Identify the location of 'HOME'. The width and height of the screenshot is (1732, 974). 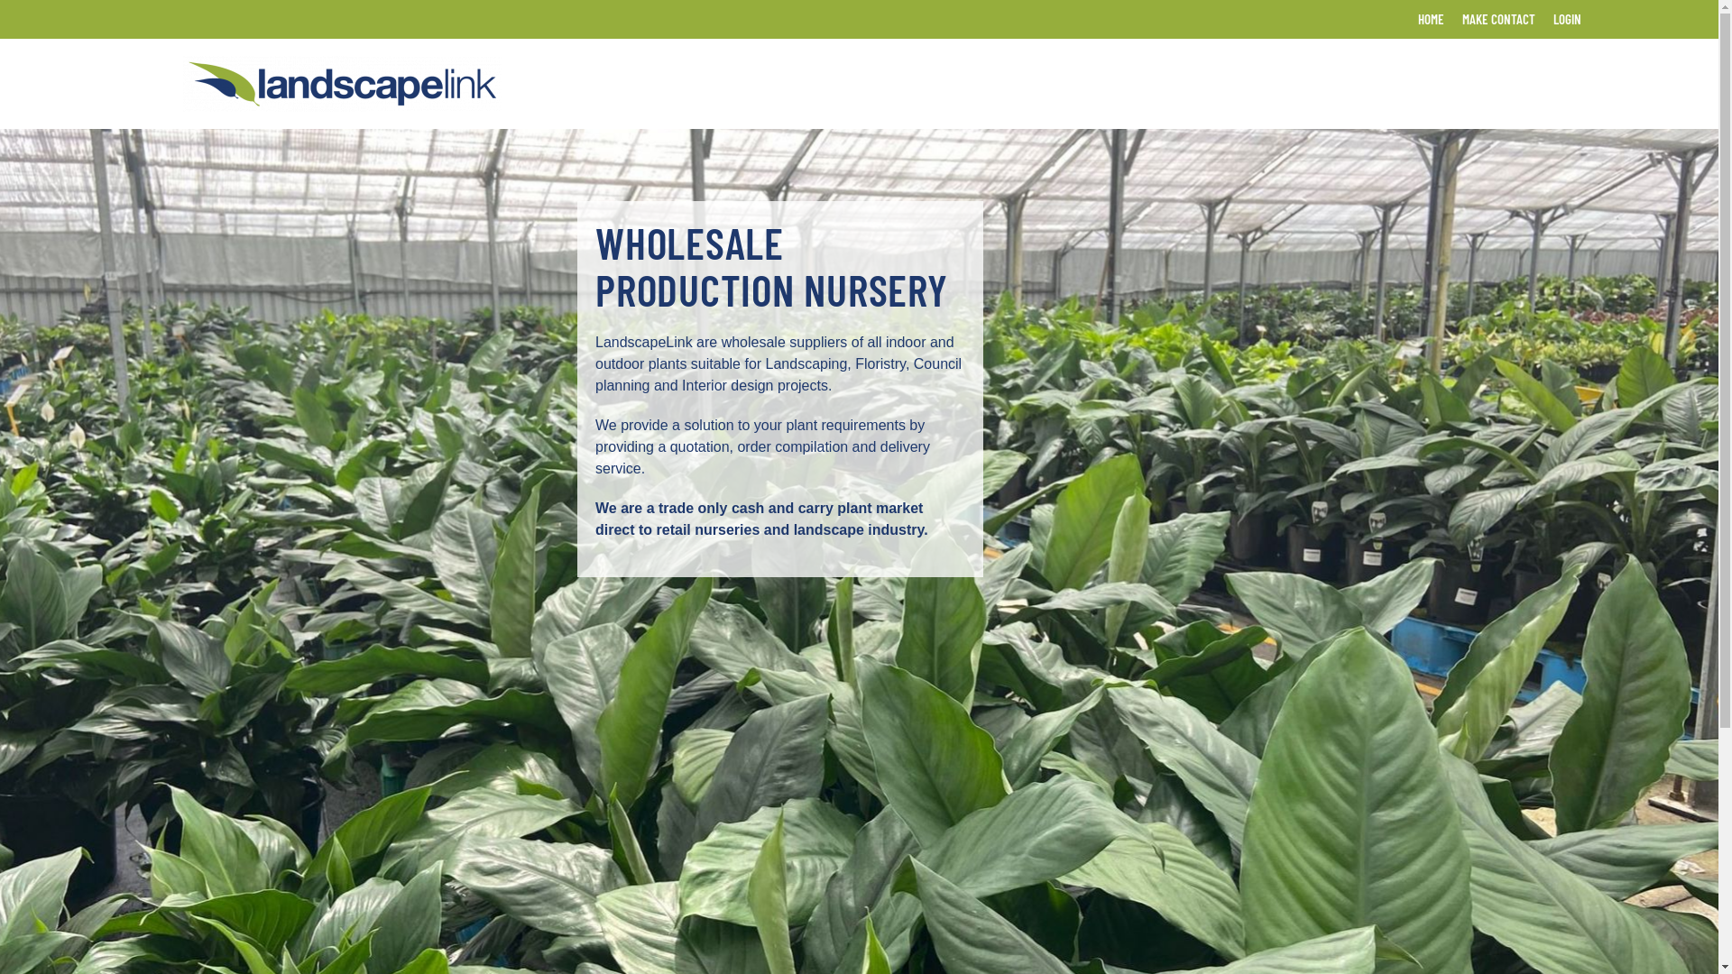
(1430, 19).